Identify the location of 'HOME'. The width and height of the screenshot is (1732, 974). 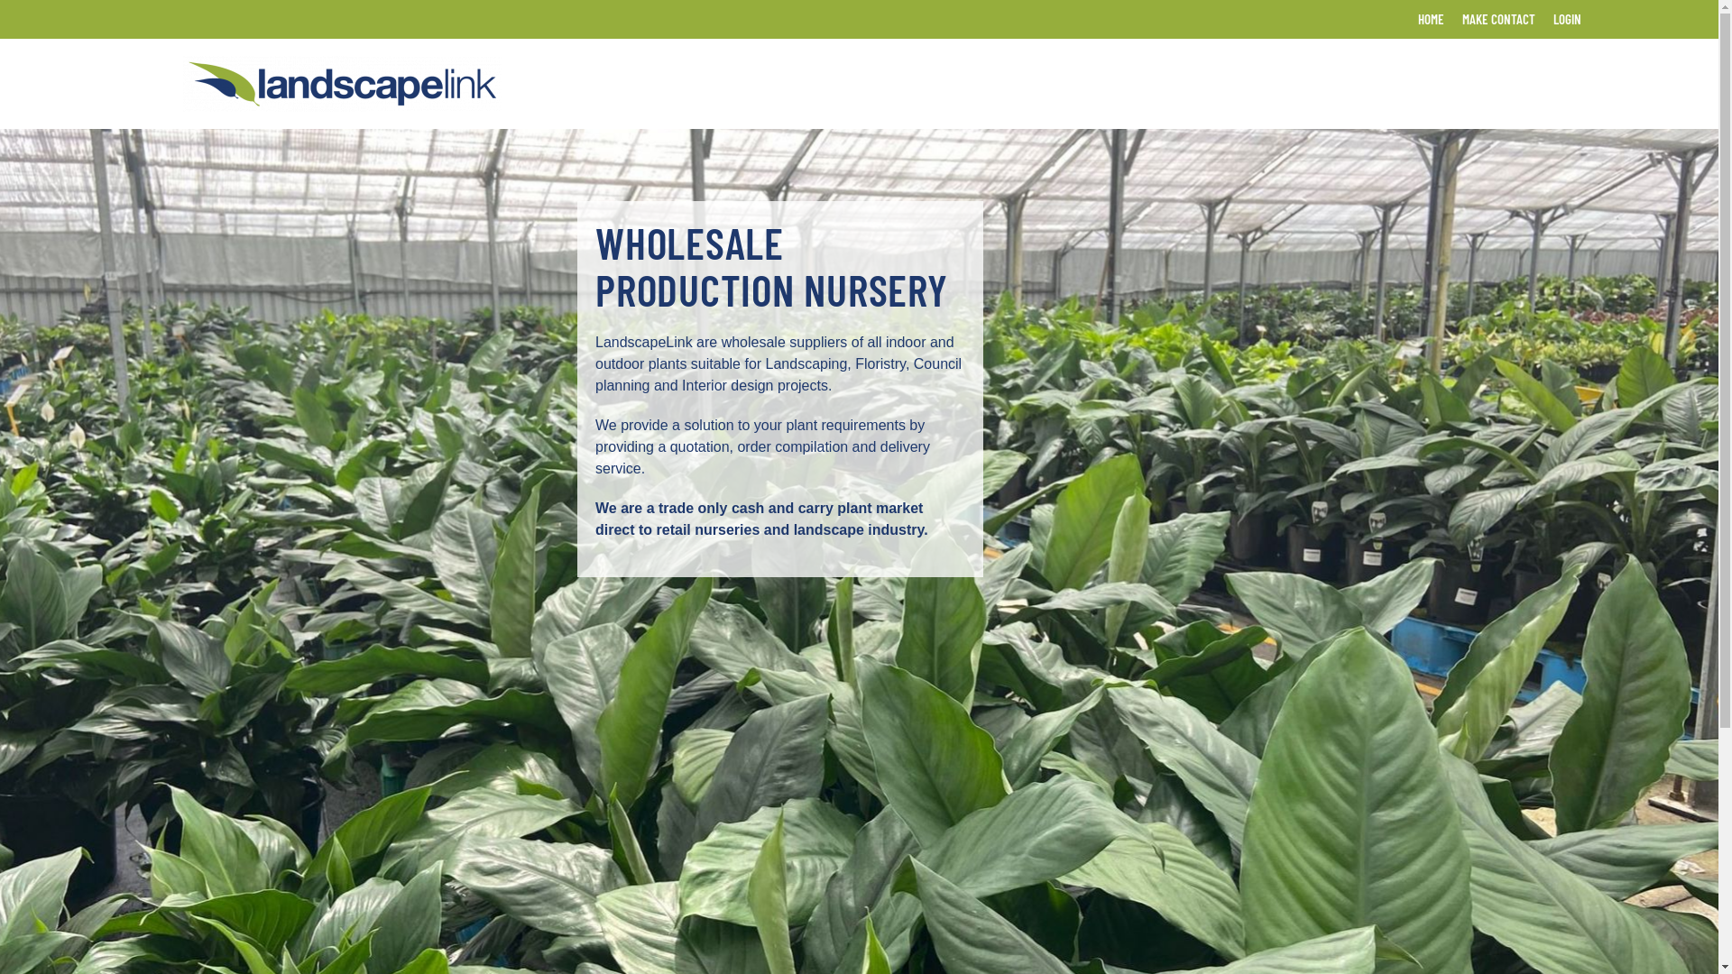
(1430, 19).